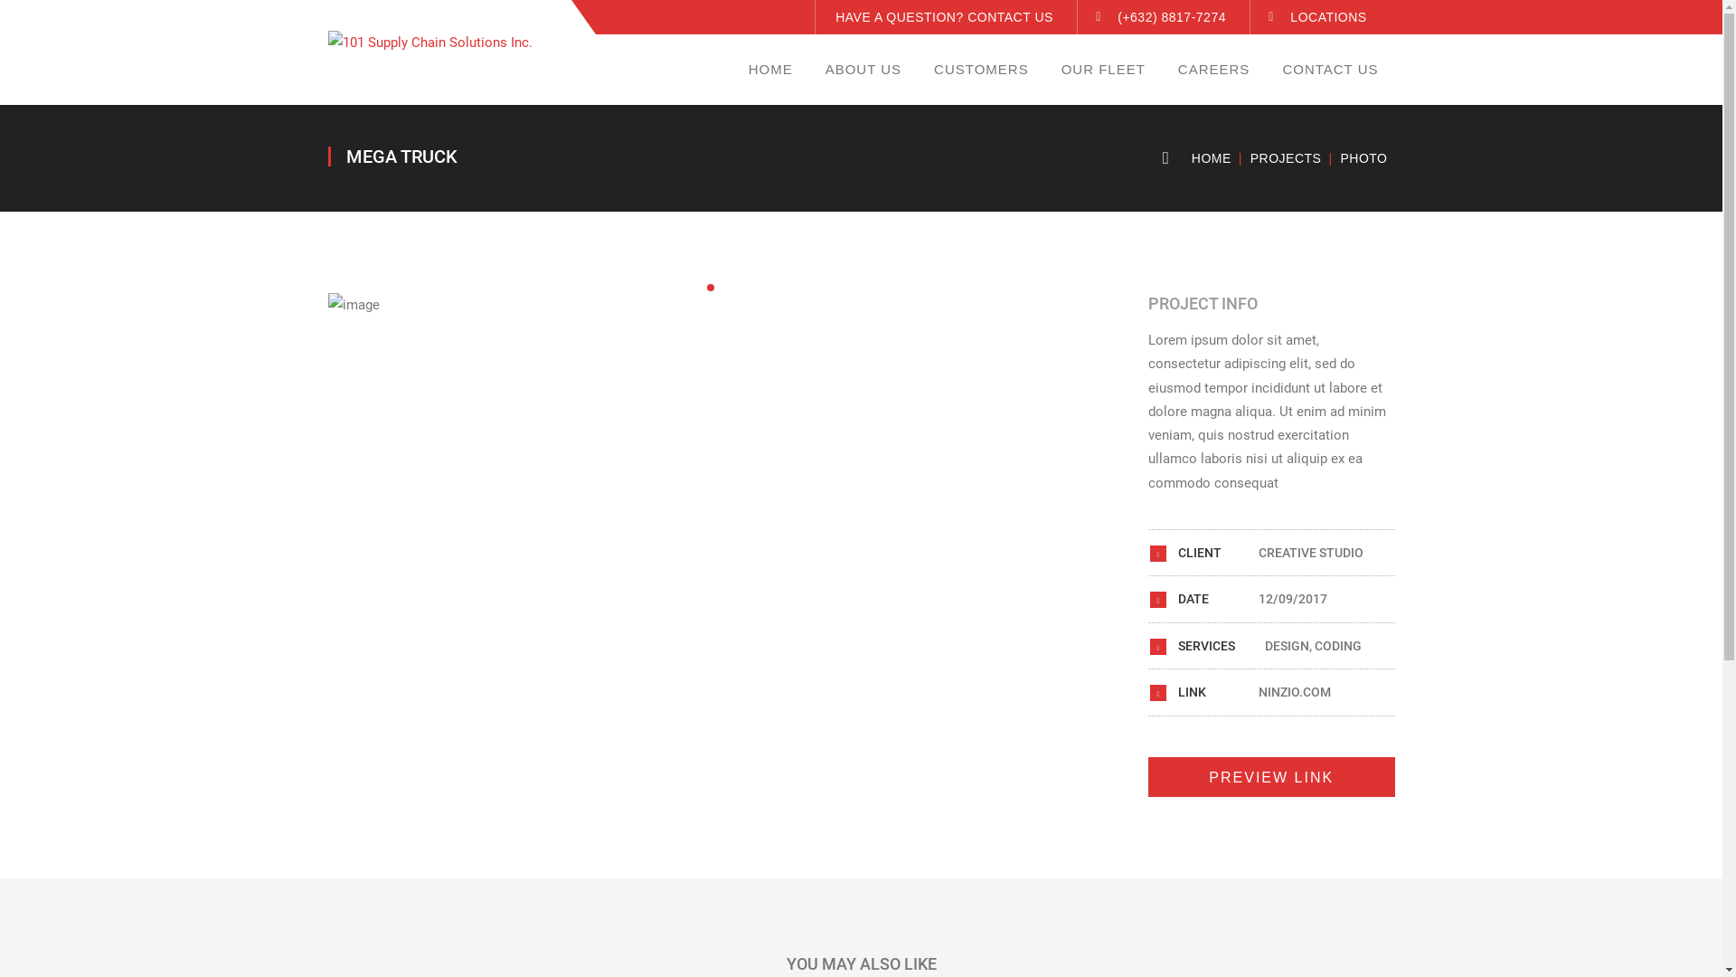 Image resolution: width=1736 pixels, height=977 pixels. What do you see at coordinates (1270, 776) in the screenshot?
I see `'PREVIEW LINK'` at bounding box center [1270, 776].